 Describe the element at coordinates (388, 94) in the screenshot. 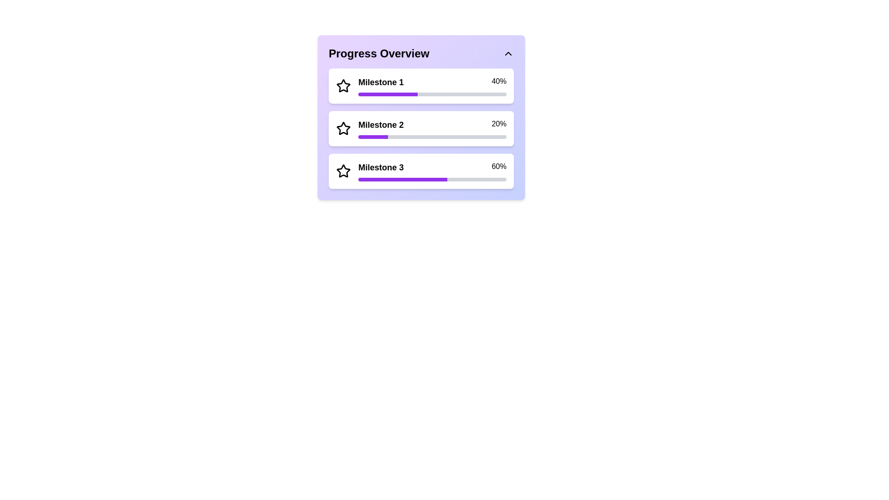

I see `the progress bar fill segment, which is a solid purple color indicating the filled portion of the horizontal progress indicator for 'Milestone 1'` at that location.